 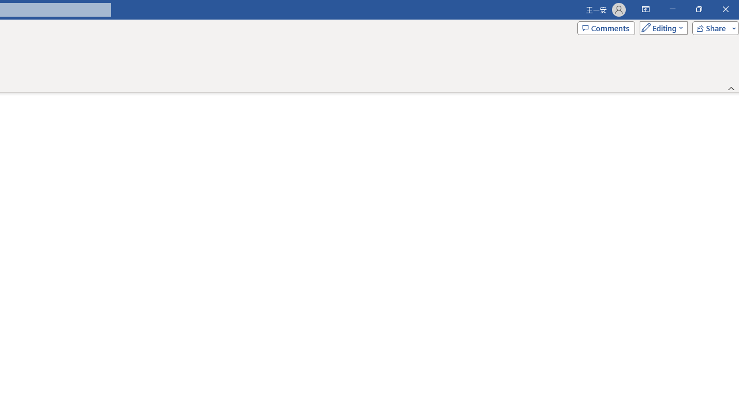 I want to click on 'Close', so click(x=725, y=9).